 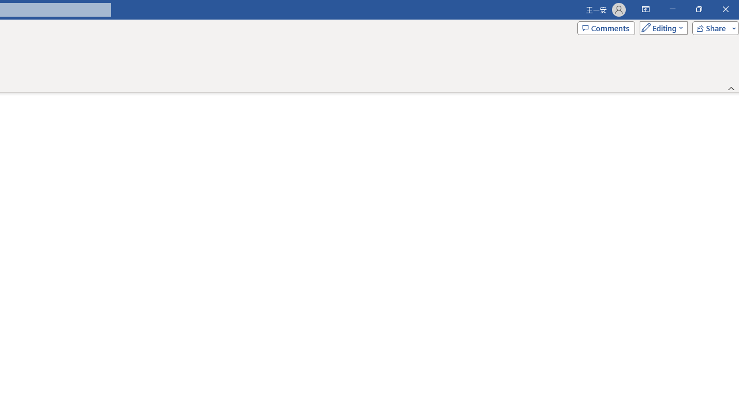 I want to click on 'Close', so click(x=725, y=9).